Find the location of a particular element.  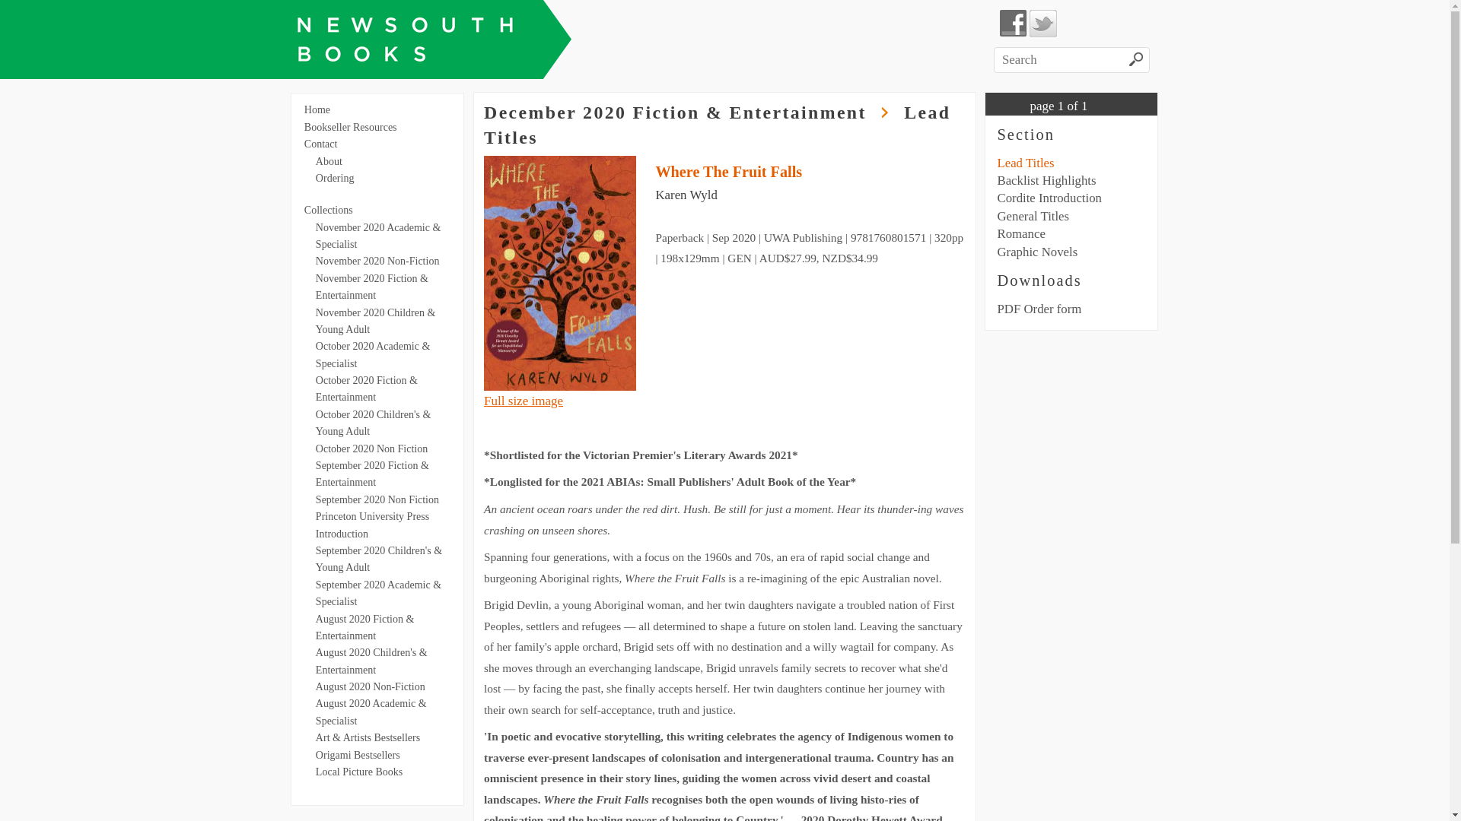

'Ordering' is located at coordinates (334, 177).